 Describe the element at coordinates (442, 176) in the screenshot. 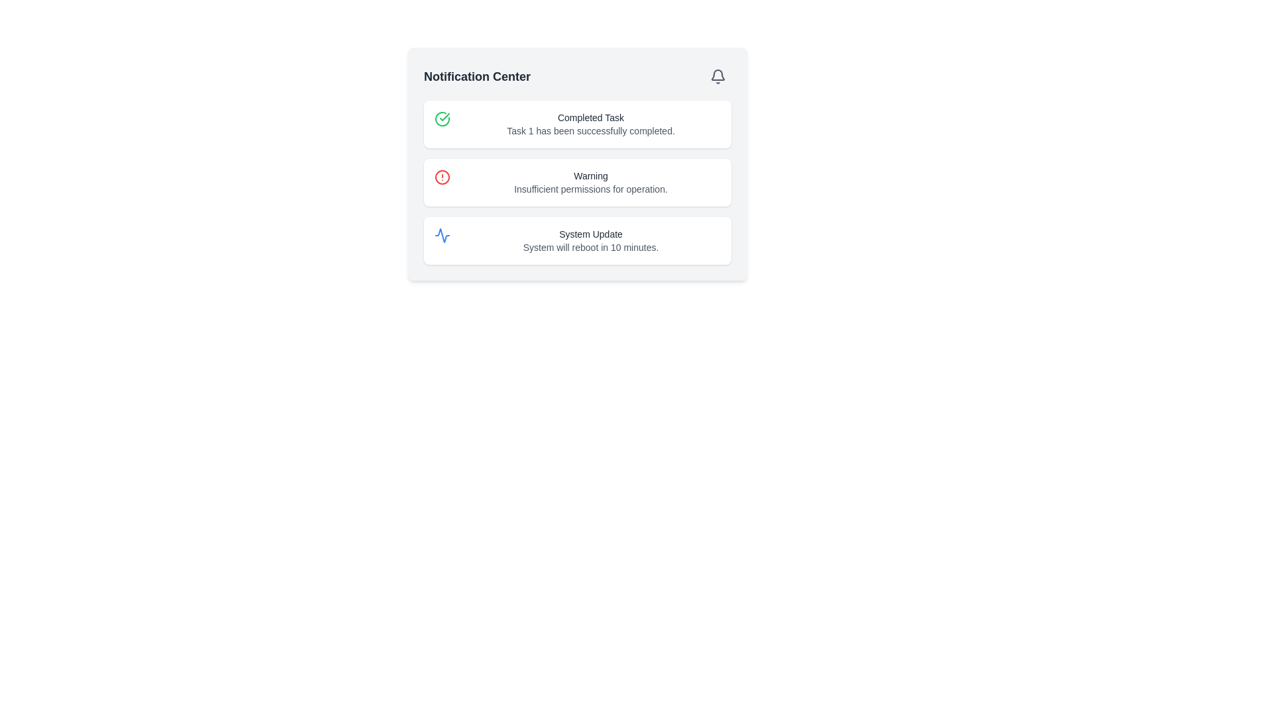

I see `the warning icon located in the second notification panel under 'Notification Center', next to the text 'Insufficient permissions for operation.'` at that location.